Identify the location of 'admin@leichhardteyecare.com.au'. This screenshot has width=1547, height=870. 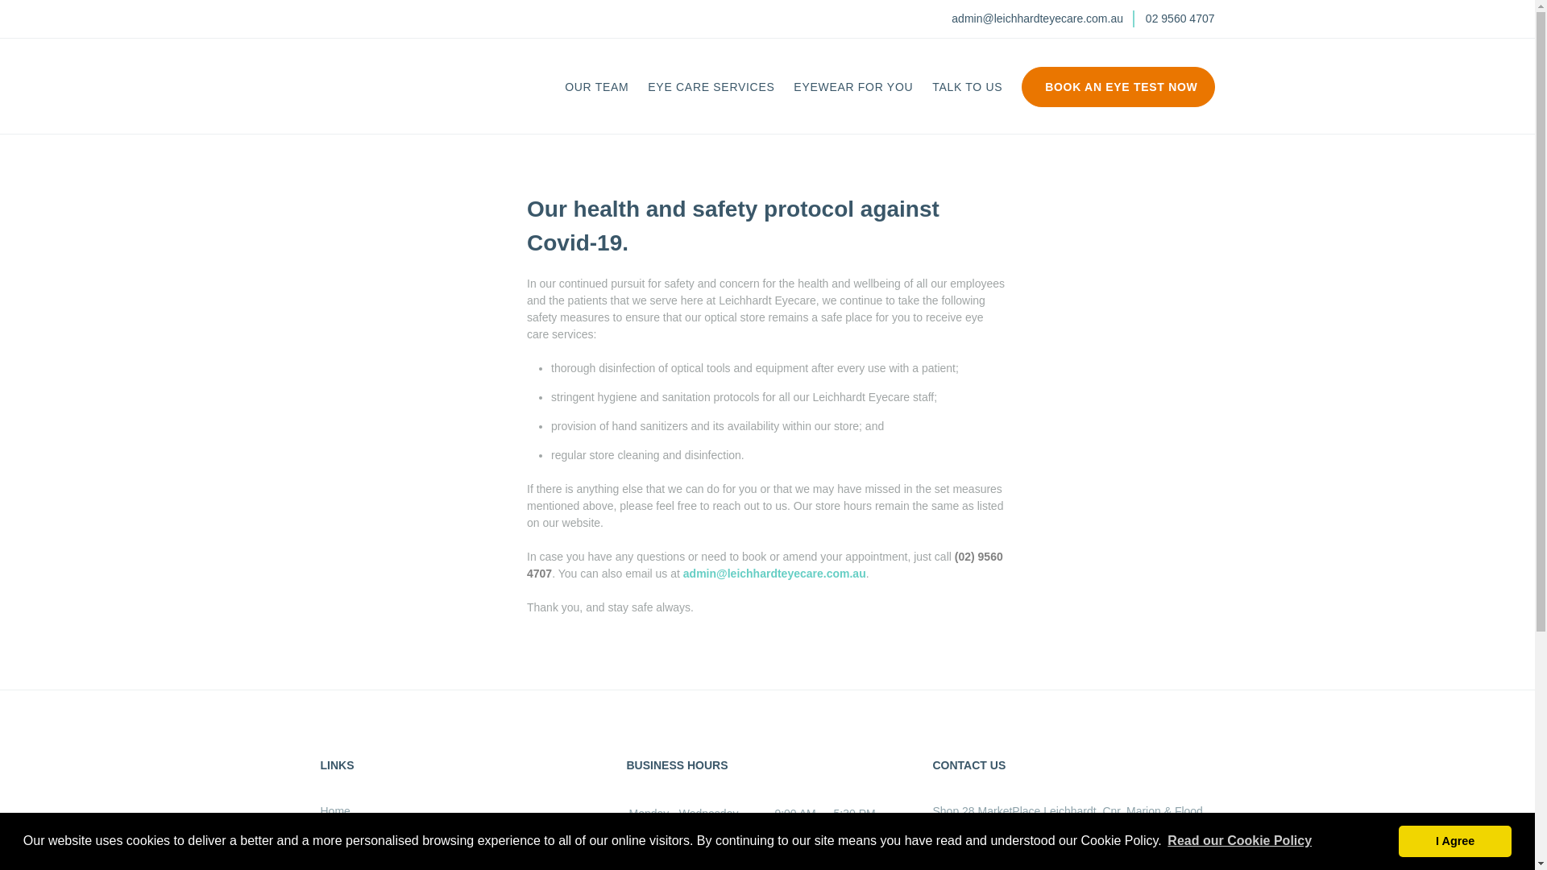
(1037, 19).